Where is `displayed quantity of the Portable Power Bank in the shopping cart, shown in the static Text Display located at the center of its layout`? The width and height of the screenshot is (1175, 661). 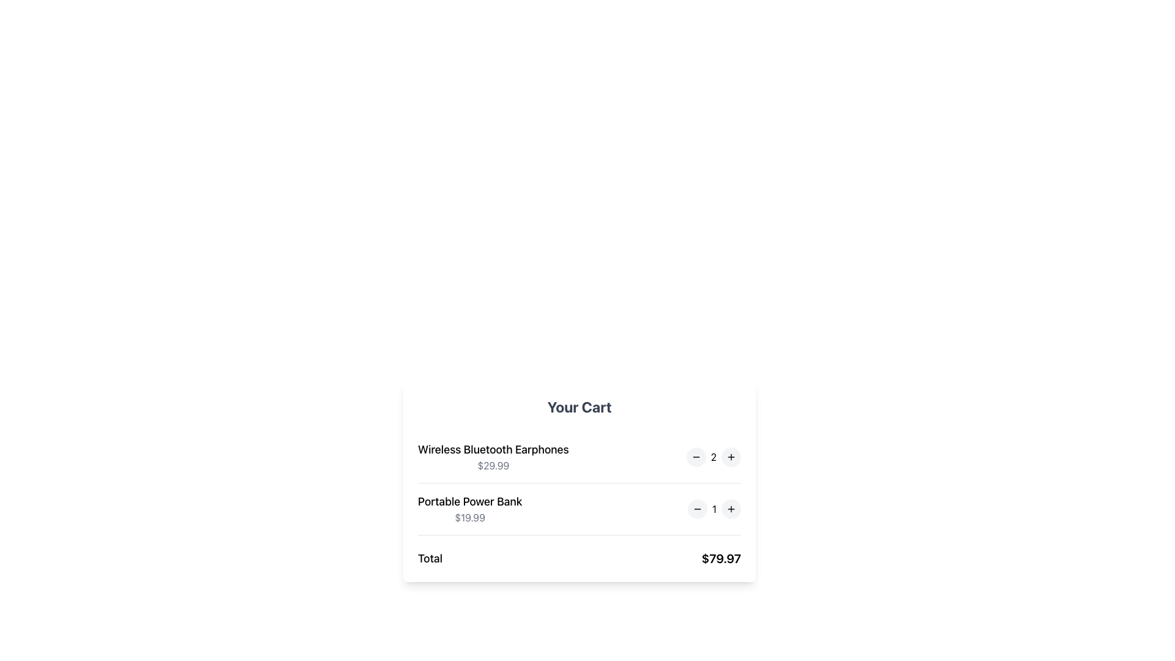 displayed quantity of the Portable Power Bank in the shopping cart, shown in the static Text Display located at the center of its layout is located at coordinates (714, 509).